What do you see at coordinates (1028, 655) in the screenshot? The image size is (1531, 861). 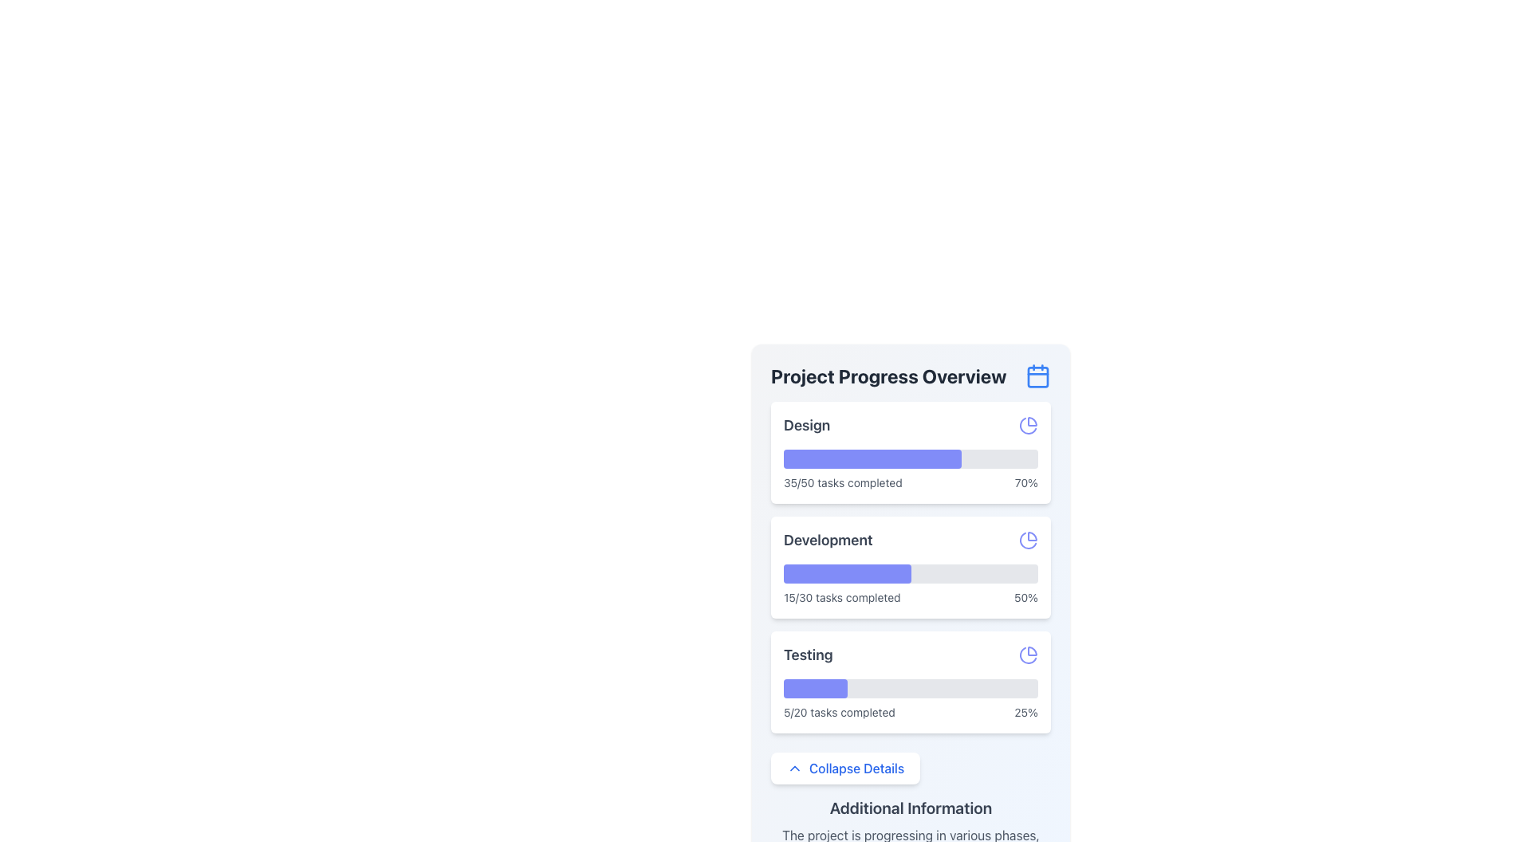 I see `pie chart segment located in the 'Testing' section of the progress overview card interface, which is styled with a stroke and no fill, positioned below and to the right of the main circular chart` at bounding box center [1028, 655].